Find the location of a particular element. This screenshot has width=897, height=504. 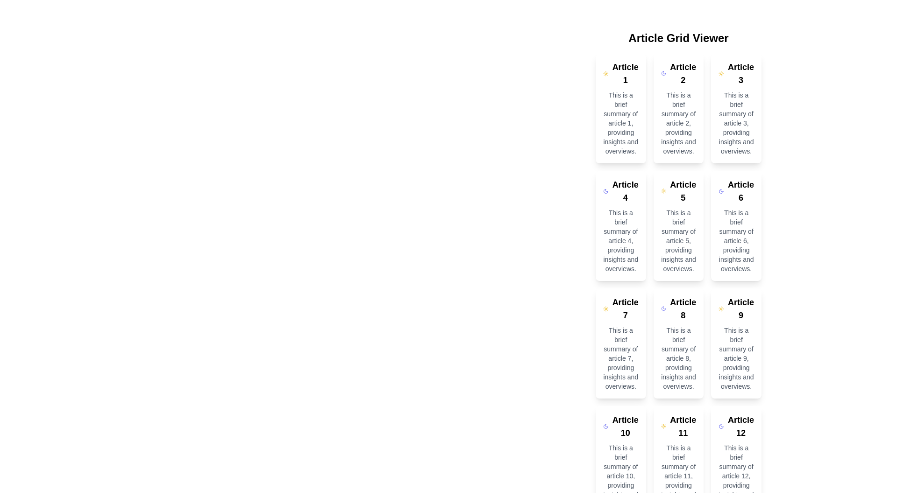

the Card that displays a brief summary of 'Article 7', located in the third row and first column of the grid layout is located at coordinates (620, 343).